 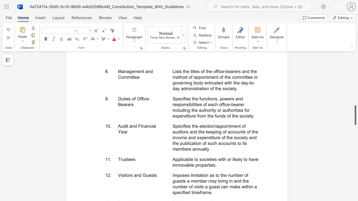 I want to click on the subset text "ly" within the text "Specifies the election/appointment of auditors and the keeping of accounts of the income and expenditure of the society and the publication of such accounts to its members annually.", so click(x=206, y=149).